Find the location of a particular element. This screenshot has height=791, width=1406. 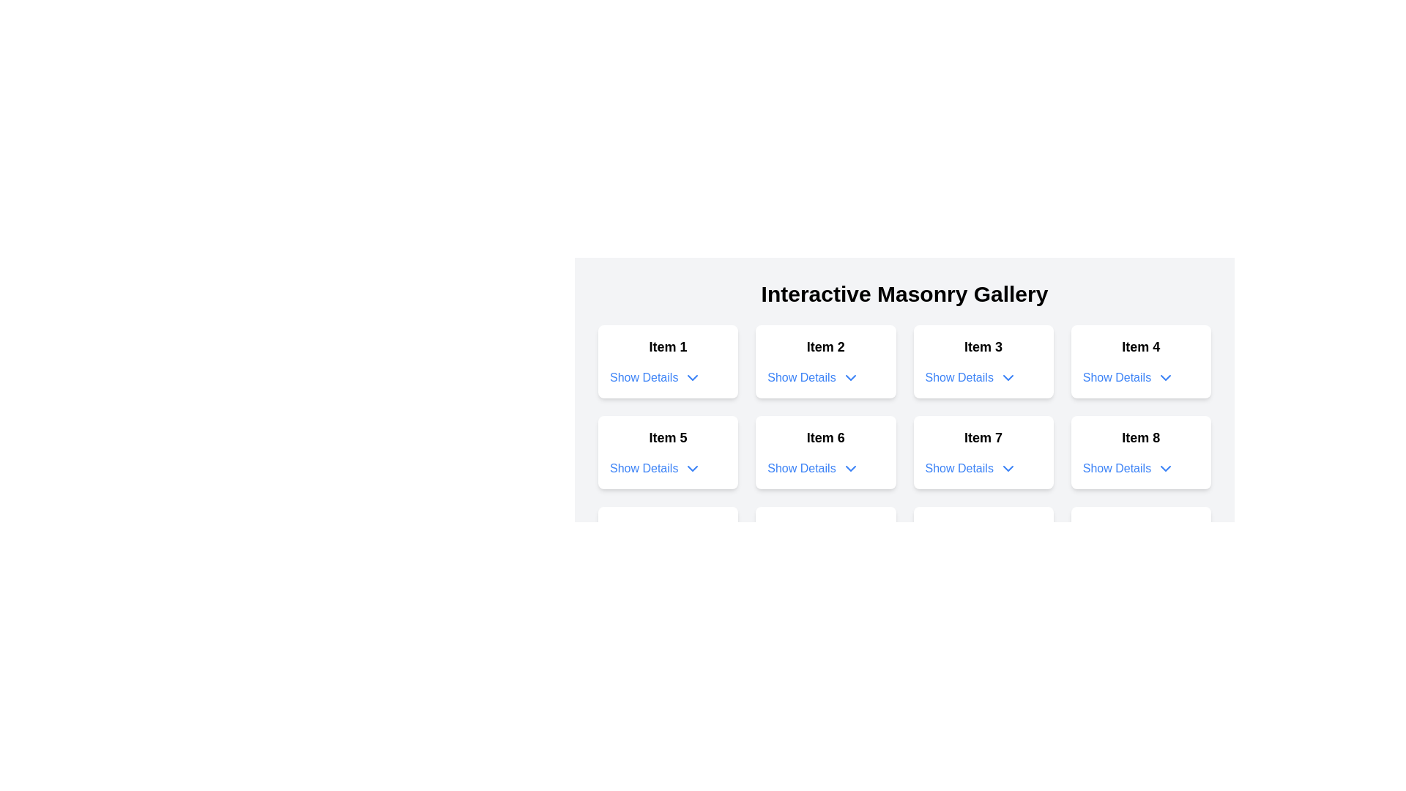

the static text label displaying 'Item 8', which is prominently styled in bold and larger font within the eighth panel of the 'Interactive Masonry Gallery' is located at coordinates (1140, 437).